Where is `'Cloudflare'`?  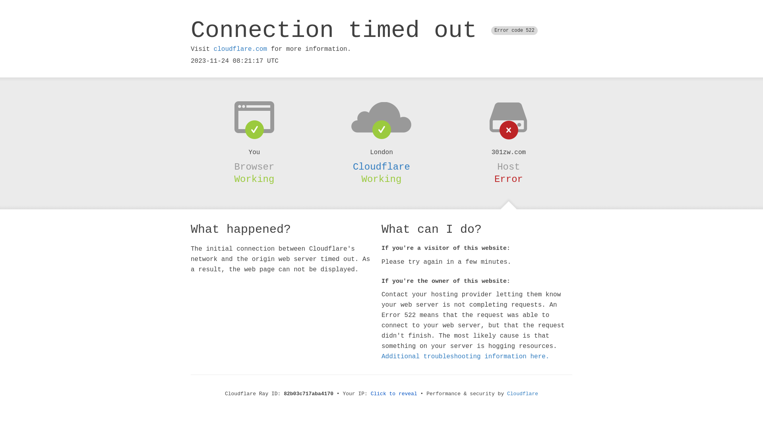 'Cloudflare' is located at coordinates (381, 166).